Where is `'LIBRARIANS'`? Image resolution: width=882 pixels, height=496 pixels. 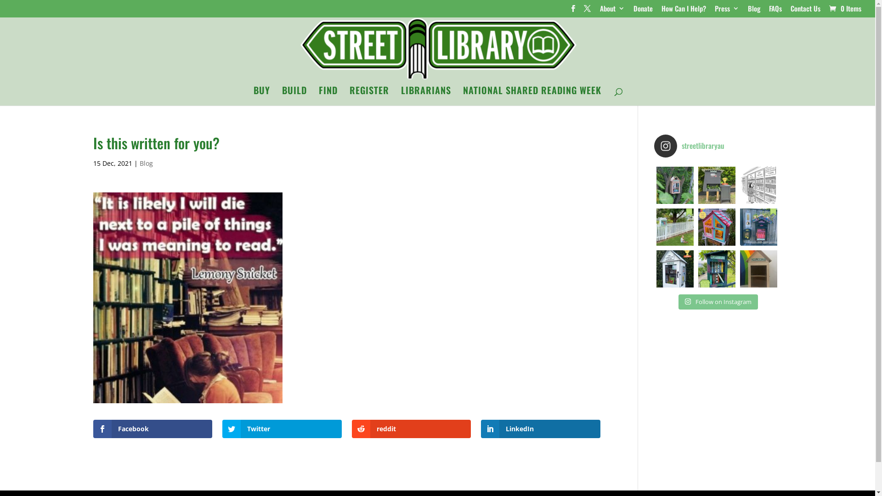
'LIBRARIANS' is located at coordinates (425, 96).